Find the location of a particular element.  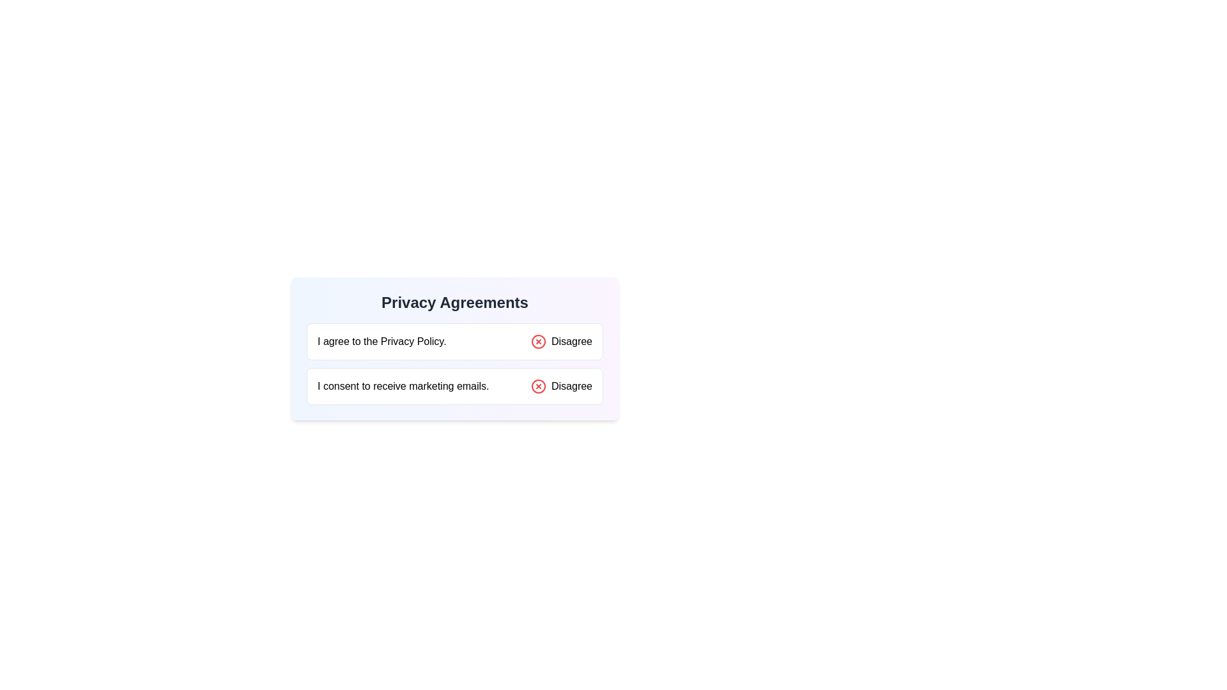

the main header text that reads 'Privacy Agreements', which is styled in bold and is the primary title for the surrounding content is located at coordinates (454, 303).